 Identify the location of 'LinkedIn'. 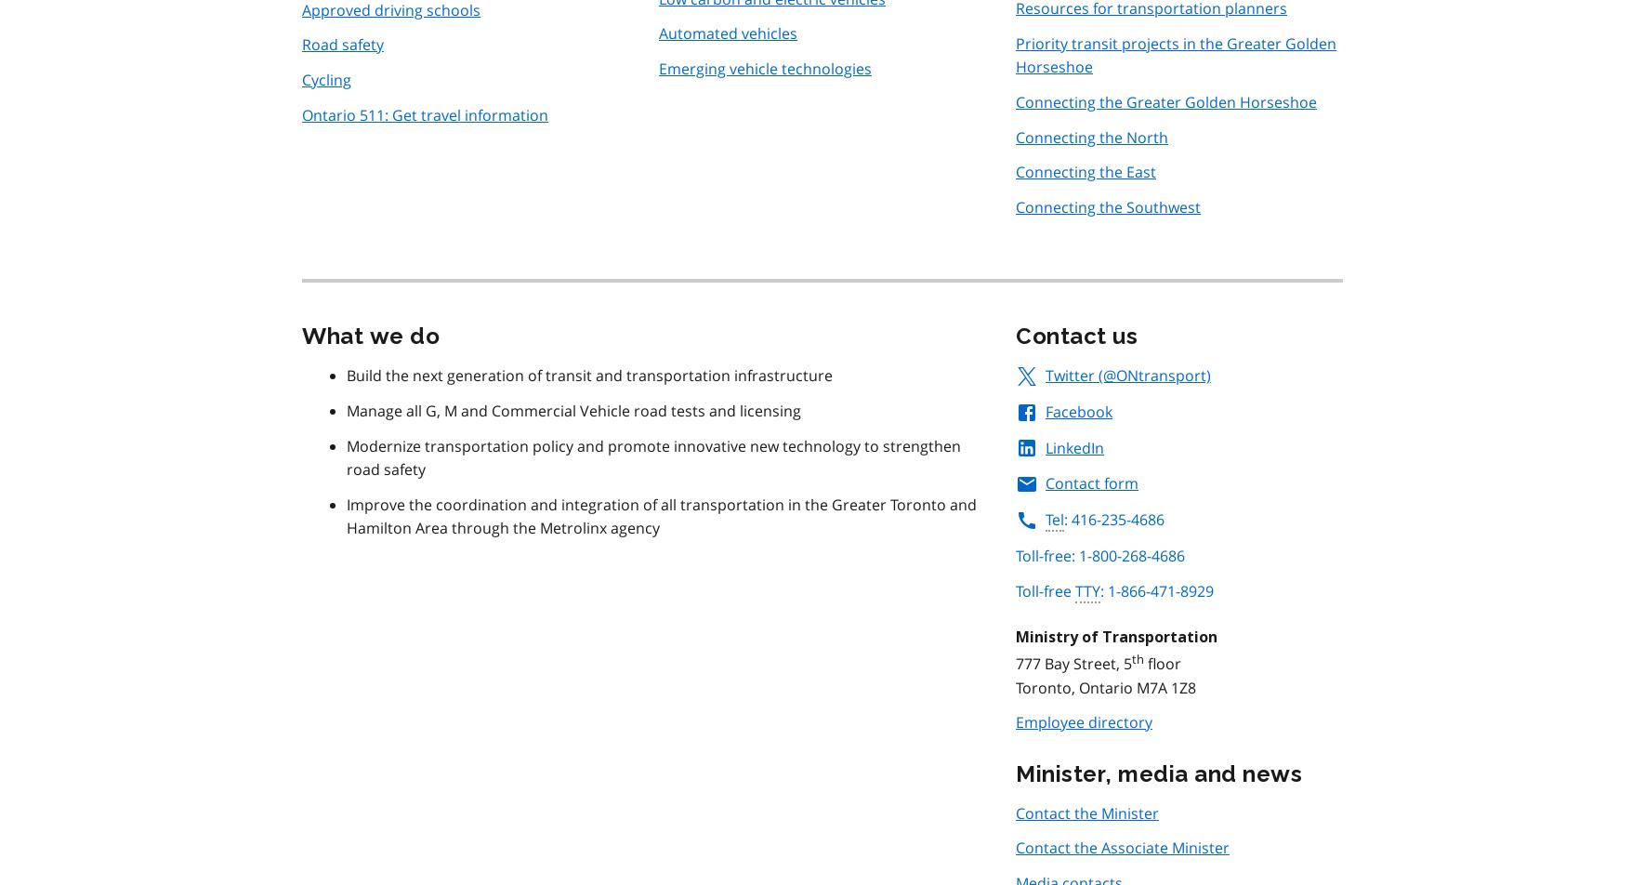
(1074, 447).